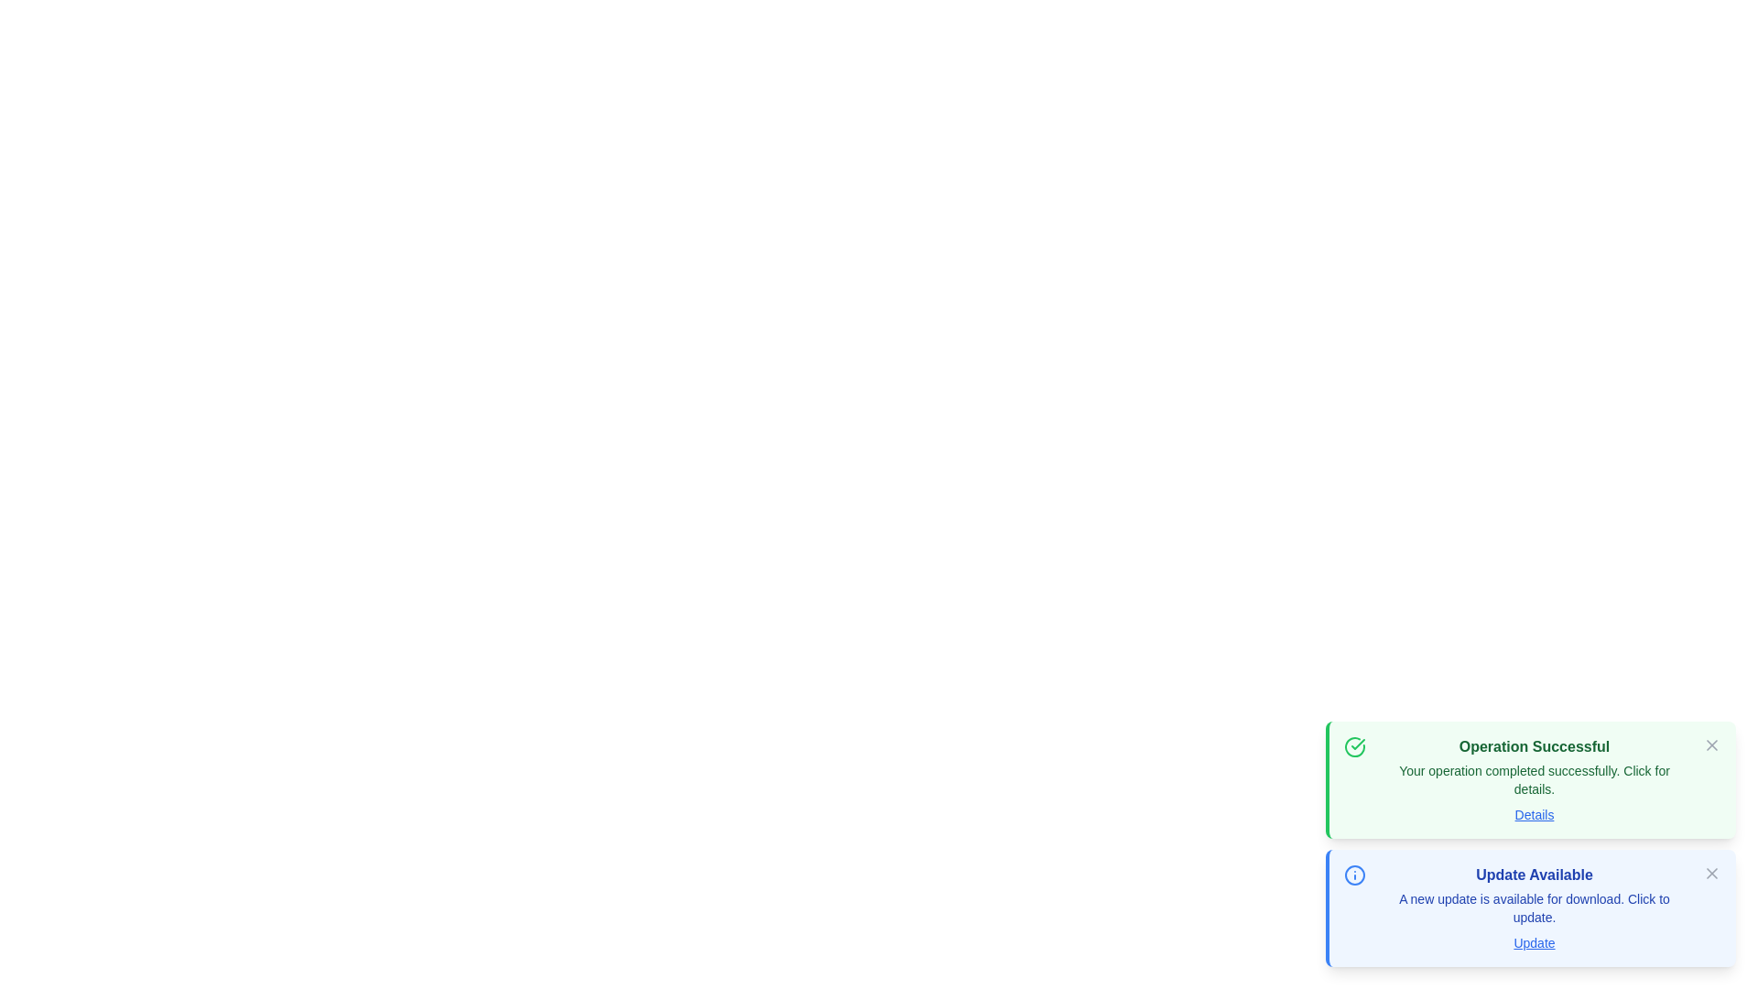  Describe the element at coordinates (1534, 942) in the screenshot. I see `the 'Update' hyperlink located in the 'Update Available' notification box at the bottom-right quadrant of the interface to initiate the update process` at that location.